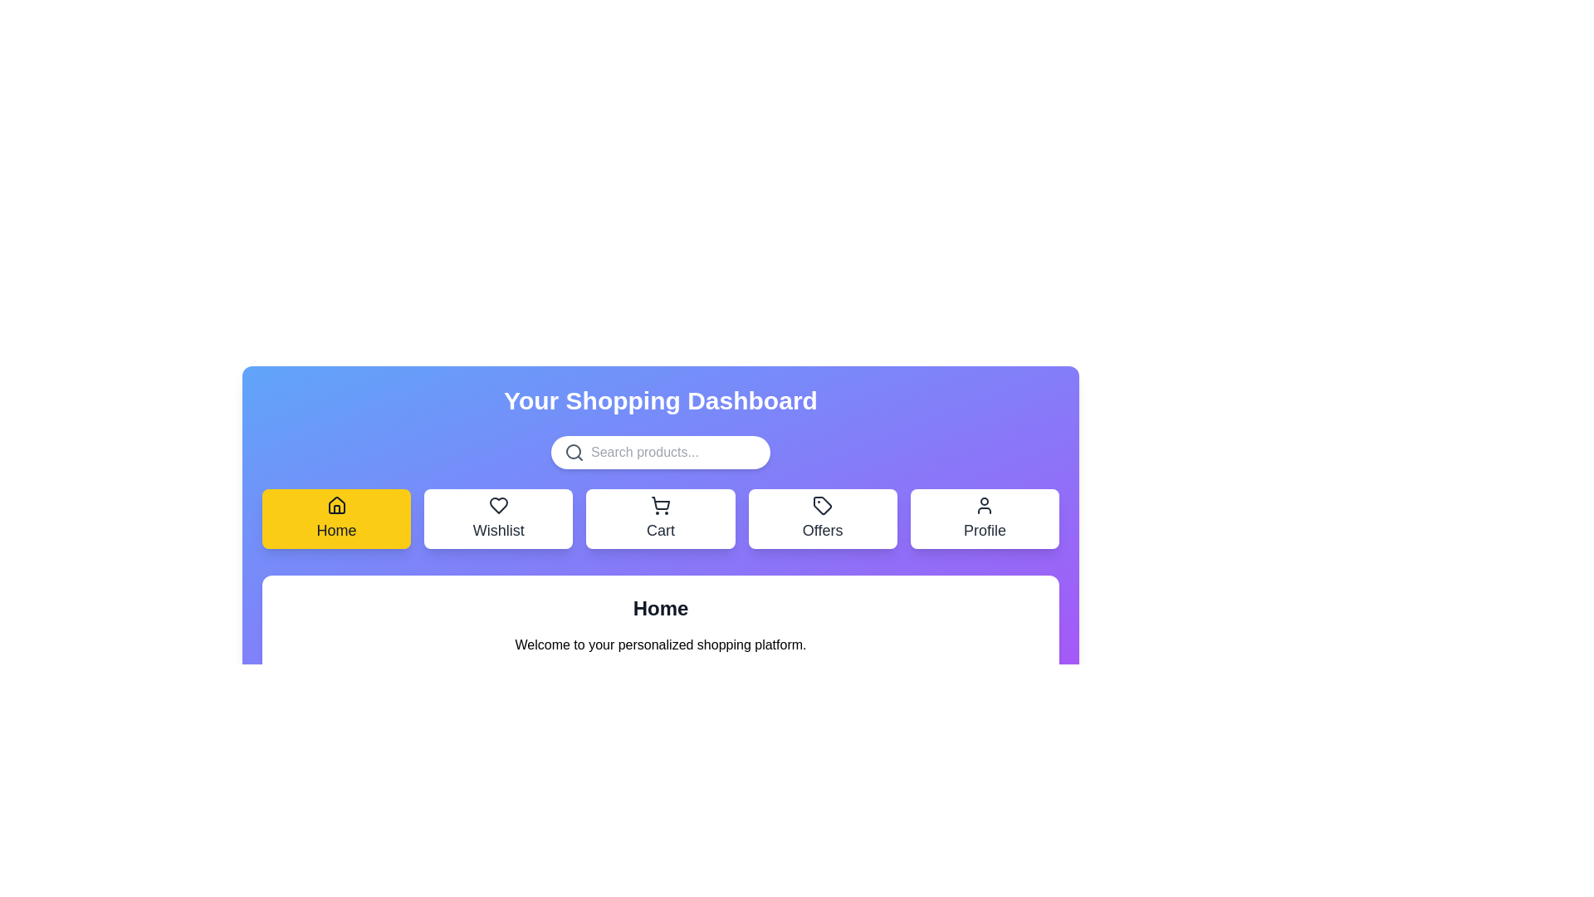 The image size is (1594, 897). I want to click on the rectangular yellow button labeled 'Home' with a house icon, located at the top-left of the interface, so click(335, 517).